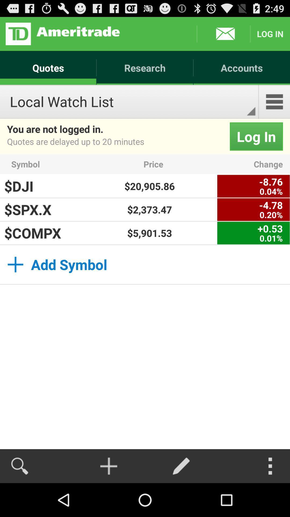 This screenshot has width=290, height=517. Describe the element at coordinates (253, 186) in the screenshot. I see `icon next to $20,905.86 item` at that location.